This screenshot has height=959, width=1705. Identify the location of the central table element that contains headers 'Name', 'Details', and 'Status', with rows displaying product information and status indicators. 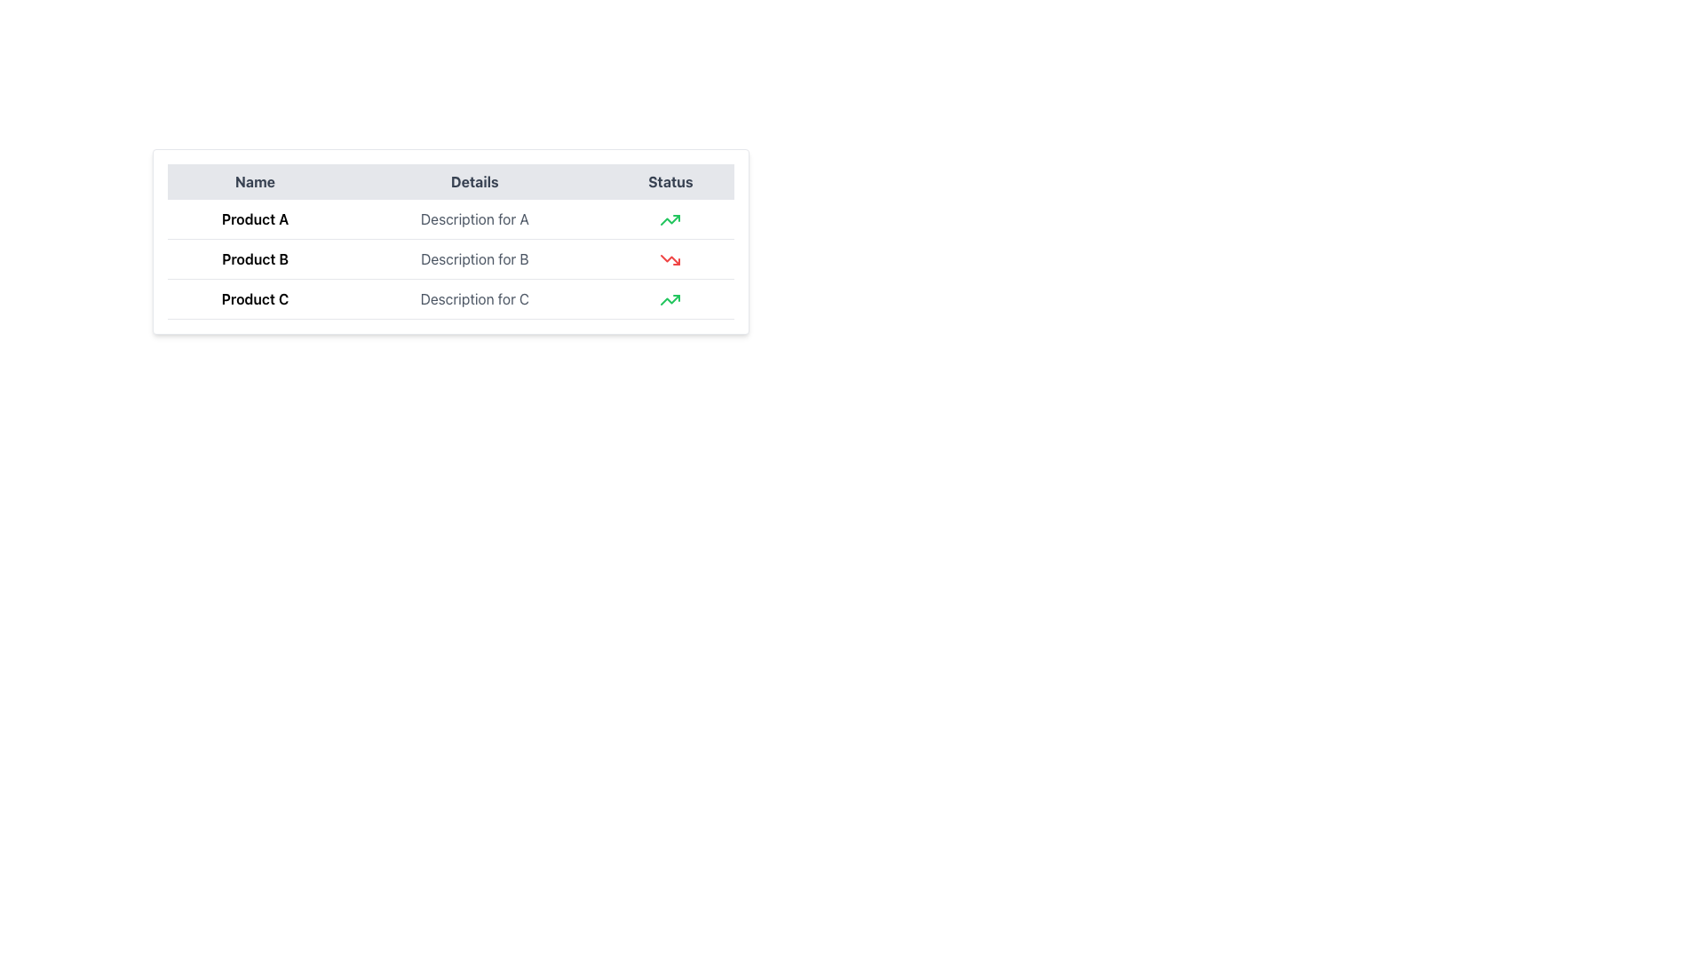
(451, 242).